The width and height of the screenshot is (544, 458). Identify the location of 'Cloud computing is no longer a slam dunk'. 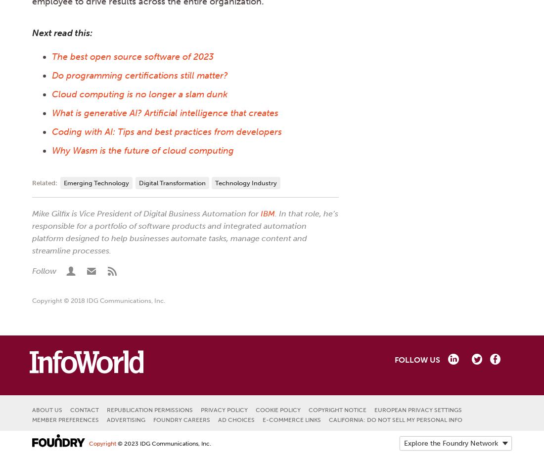
(139, 94).